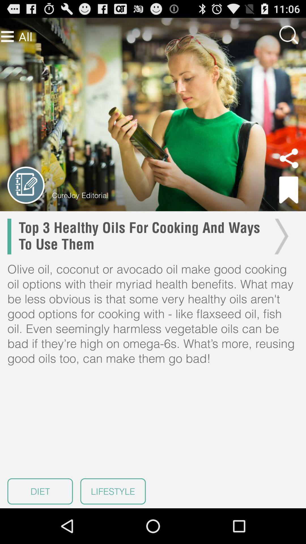 Image resolution: width=306 pixels, height=544 pixels. I want to click on the icon to the right of the top 3 healthy, so click(280, 236).